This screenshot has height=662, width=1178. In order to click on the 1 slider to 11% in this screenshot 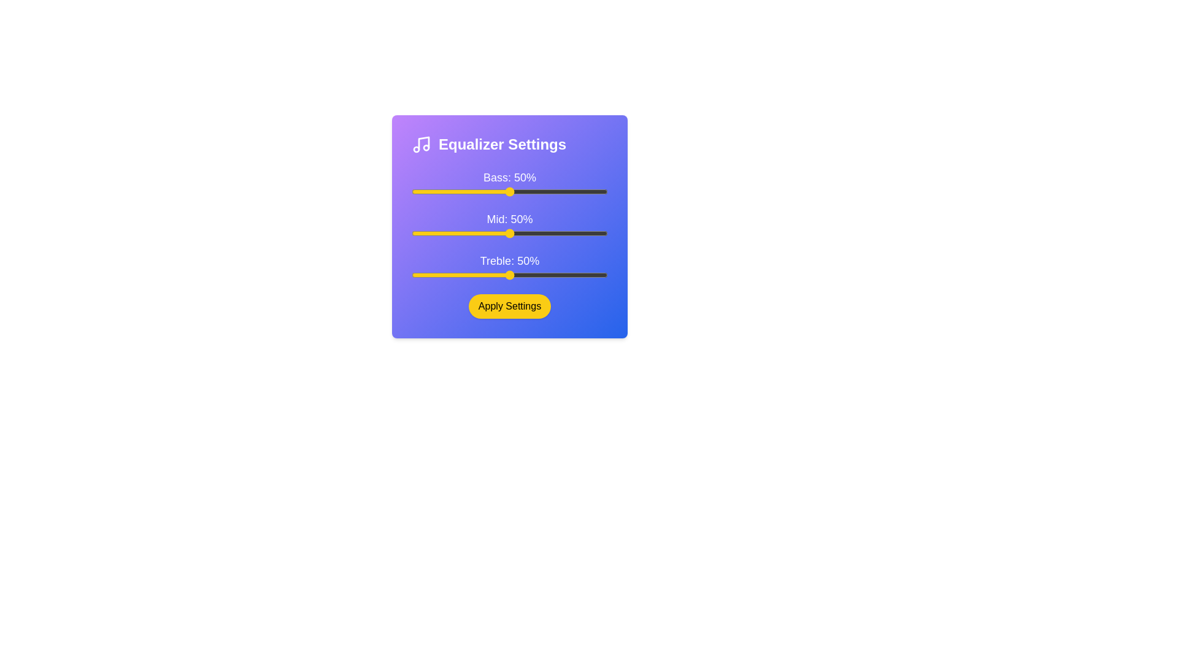, I will do `click(531, 234)`.